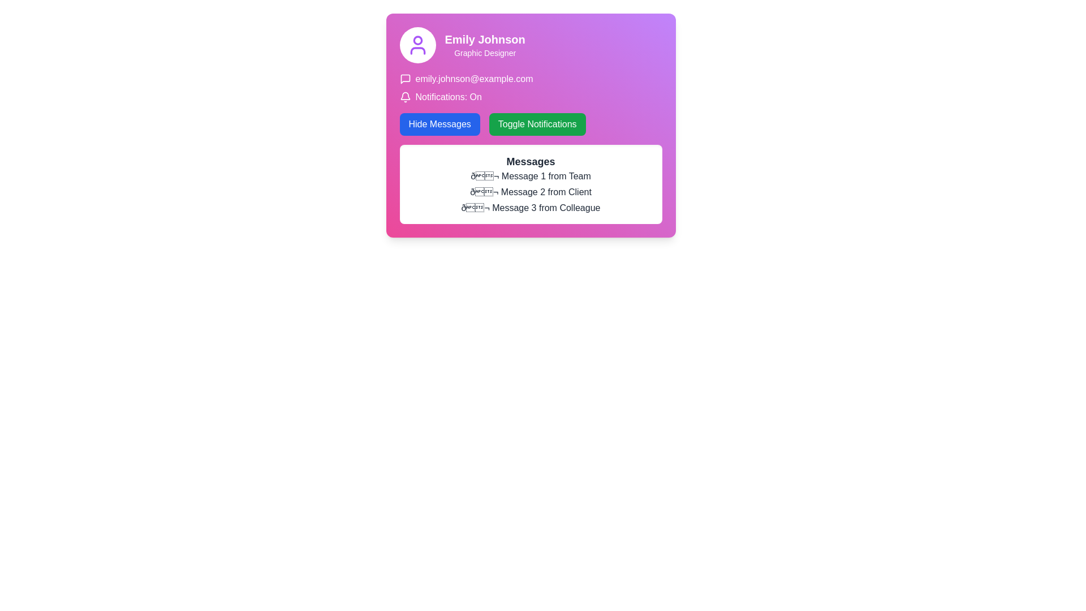 The height and width of the screenshot is (611, 1086). I want to click on the text display item reading '📬 Message 3 from Colleague', so click(530, 208).